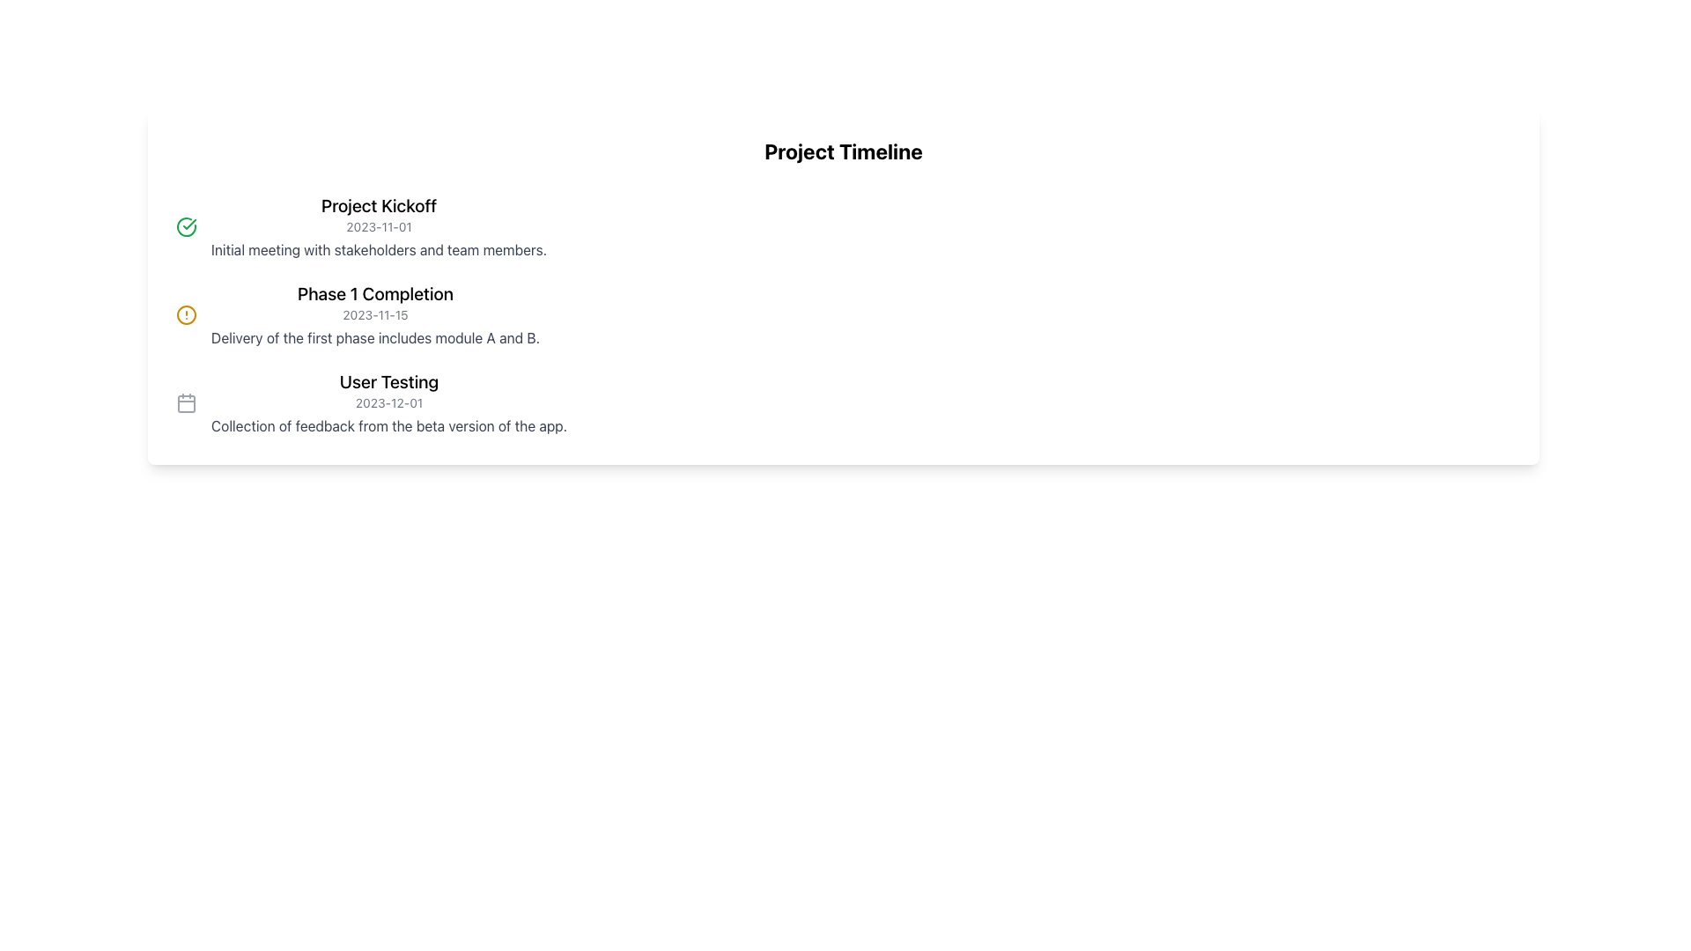  Describe the element at coordinates (374, 338) in the screenshot. I see `the text block that reads 'Delivery of the first phase includes module A and B.' which is styled in medium gray and appears below the headline 'Phase 1 Completion' and the date '2023-11-15'` at that location.